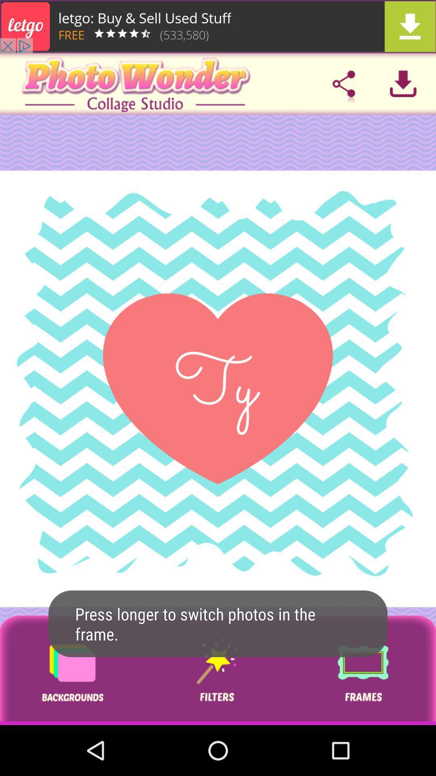 The height and width of the screenshot is (776, 436). Describe the element at coordinates (218, 26) in the screenshot. I see `download app` at that location.